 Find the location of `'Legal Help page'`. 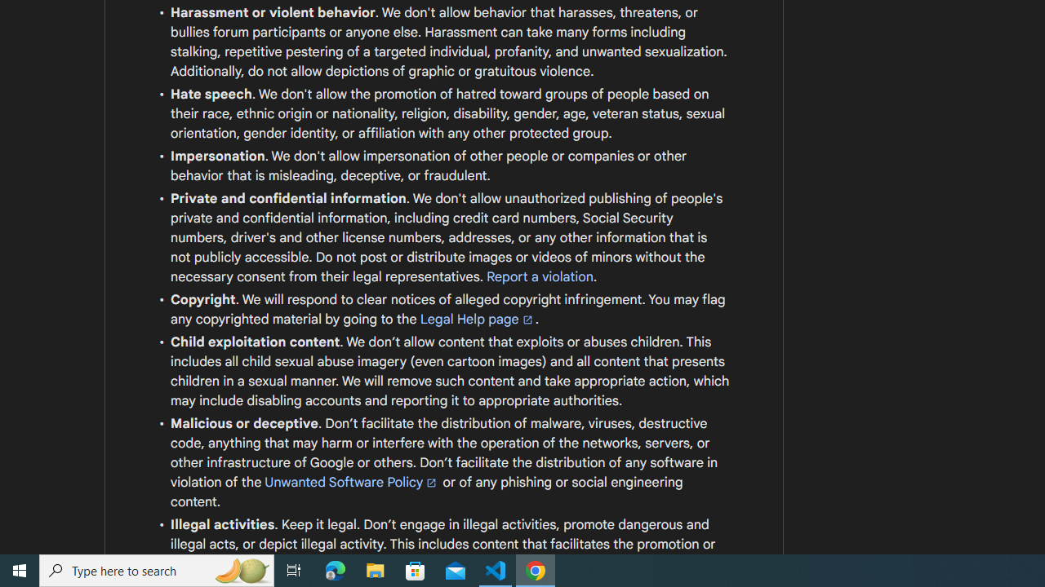

'Legal Help page' is located at coordinates (476, 320).